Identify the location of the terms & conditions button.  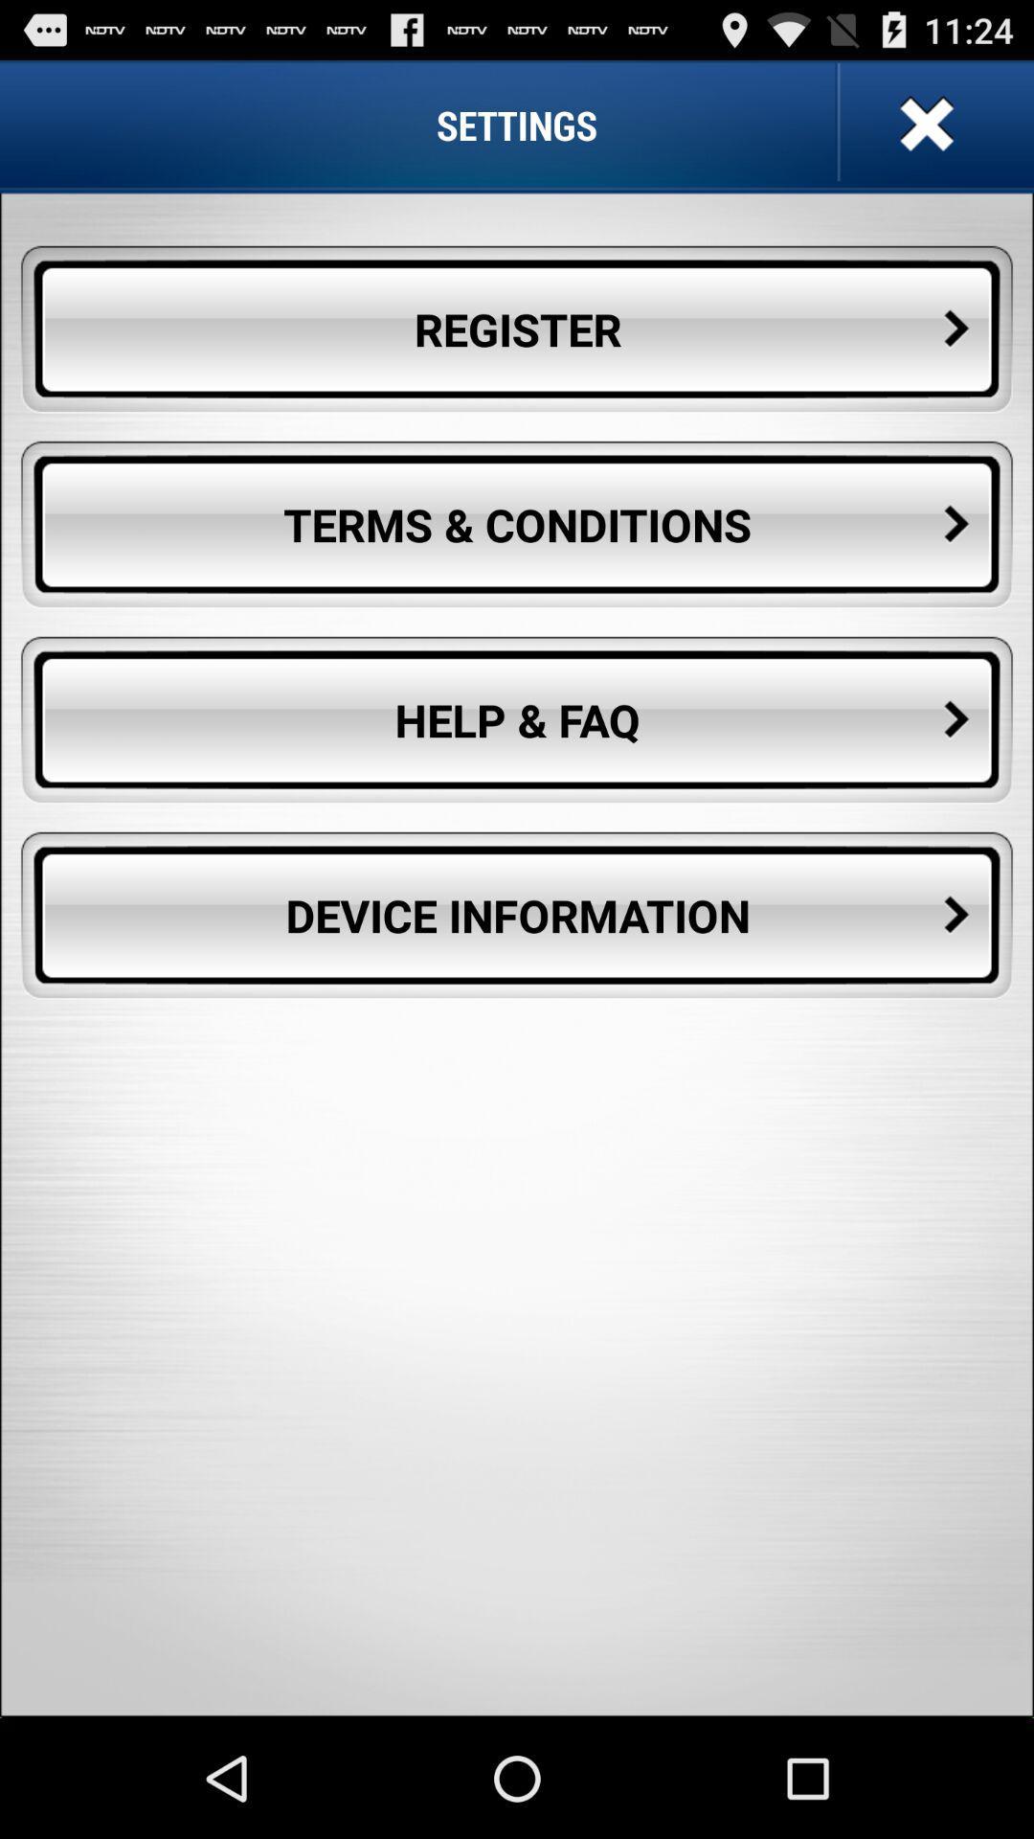
(517, 525).